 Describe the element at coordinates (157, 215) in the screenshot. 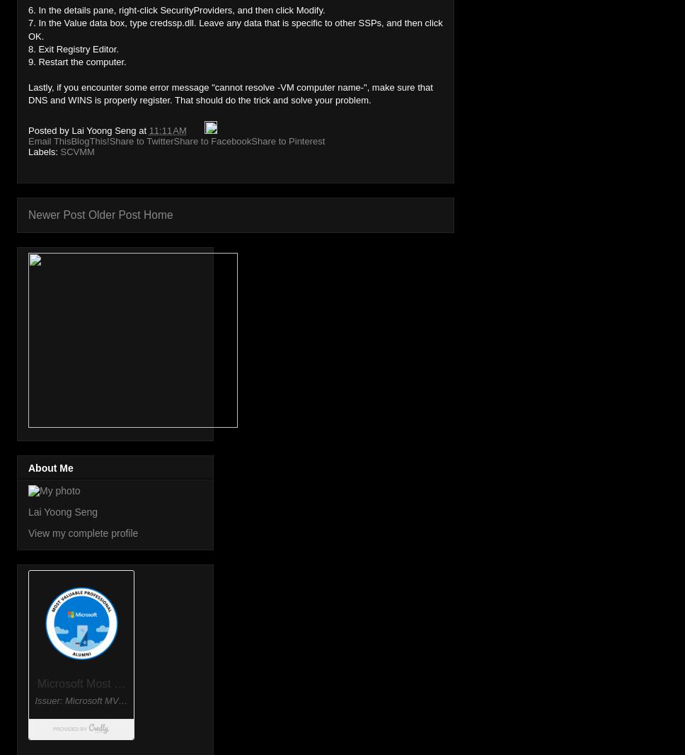

I see `'Home'` at that location.